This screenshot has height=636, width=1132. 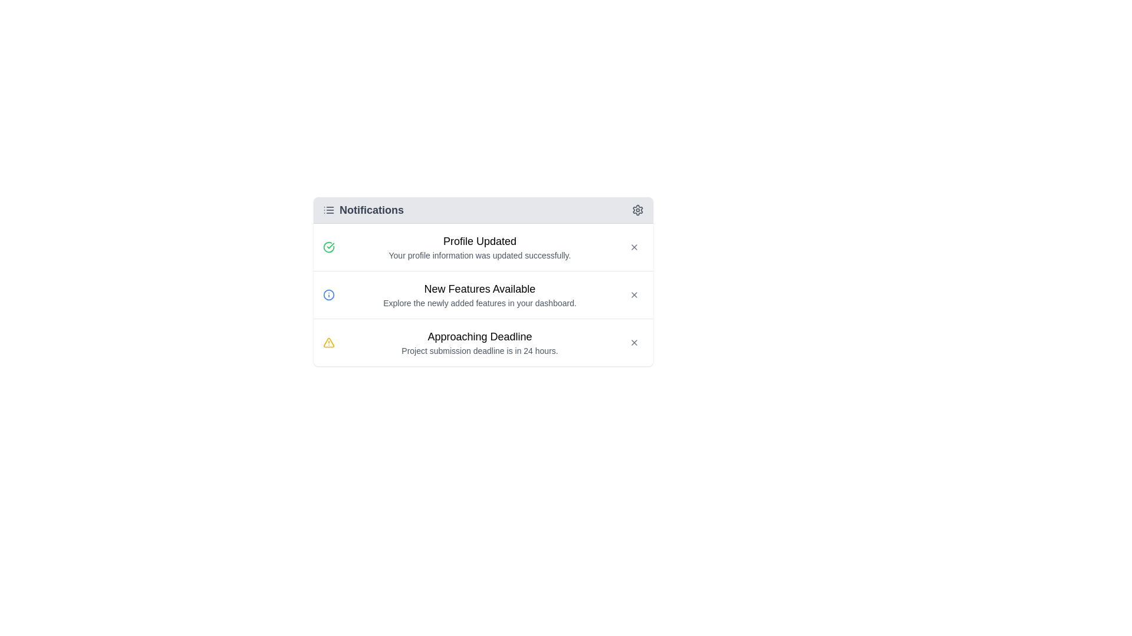 What do you see at coordinates (633, 343) in the screenshot?
I see `the small, circular 'x' button in the top-right corner of the 'Approaching Deadline' notification card` at bounding box center [633, 343].